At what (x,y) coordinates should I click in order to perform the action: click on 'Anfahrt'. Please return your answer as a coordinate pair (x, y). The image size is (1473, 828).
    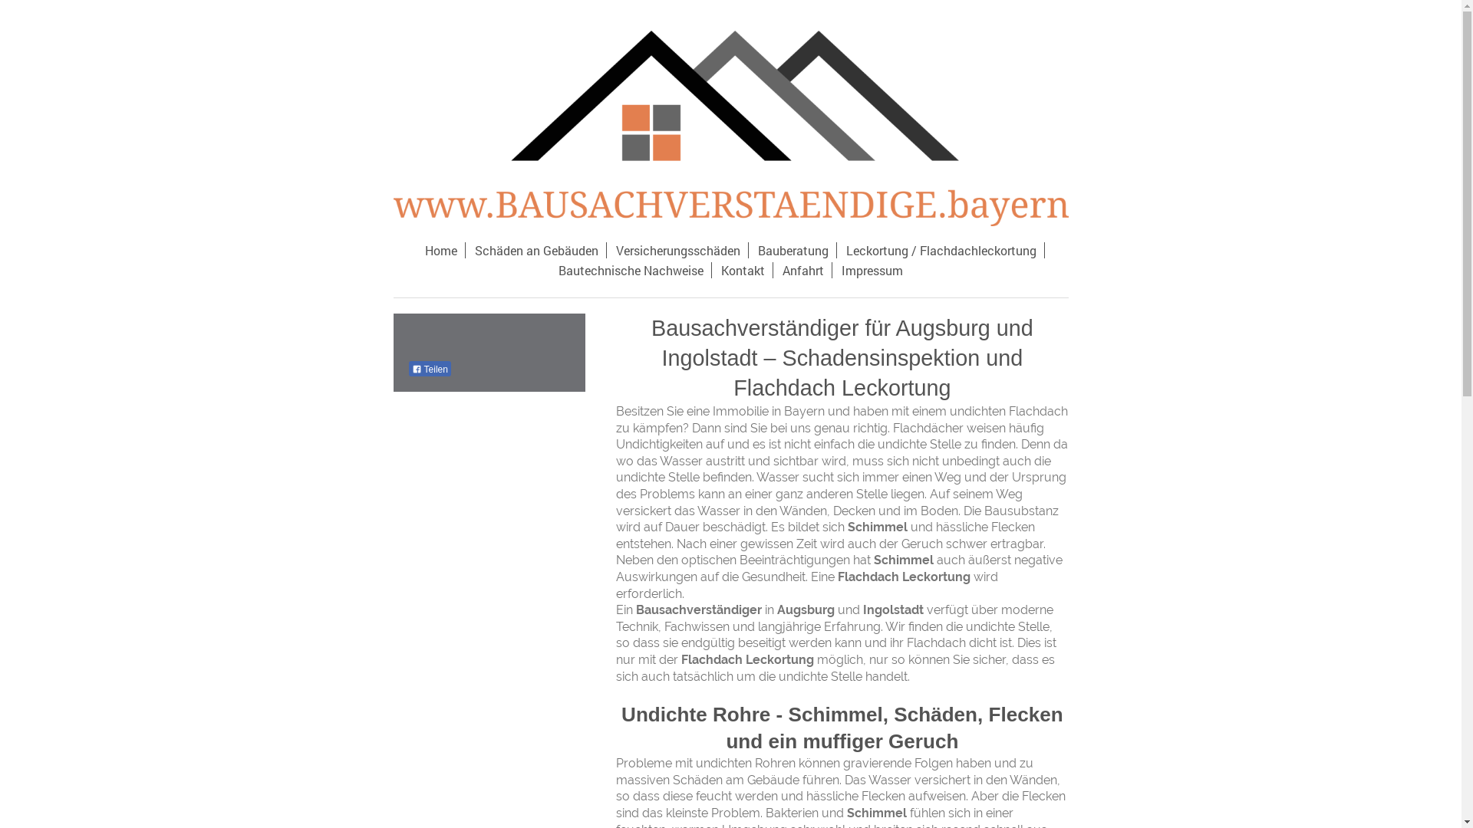
    Looking at the image, I should click on (802, 269).